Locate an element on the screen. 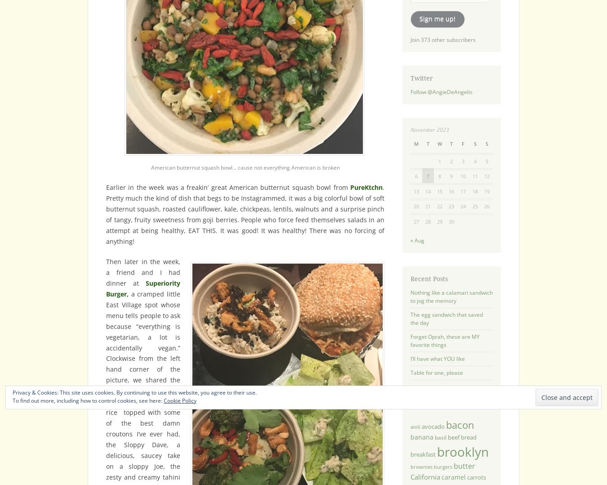 This screenshot has height=485, width=607. 'Earlier in the week was a freakin’ great American butternut squash bowl from' is located at coordinates (228, 186).